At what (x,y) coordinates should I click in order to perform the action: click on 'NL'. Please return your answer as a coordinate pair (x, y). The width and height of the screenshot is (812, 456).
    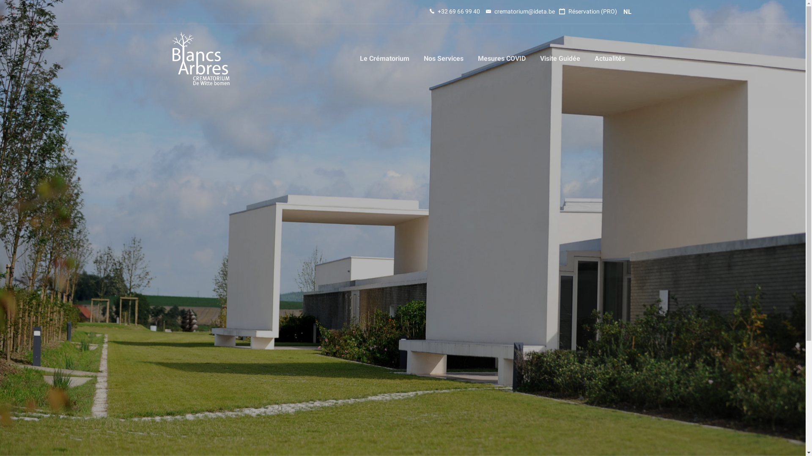
    Looking at the image, I should click on (623, 11).